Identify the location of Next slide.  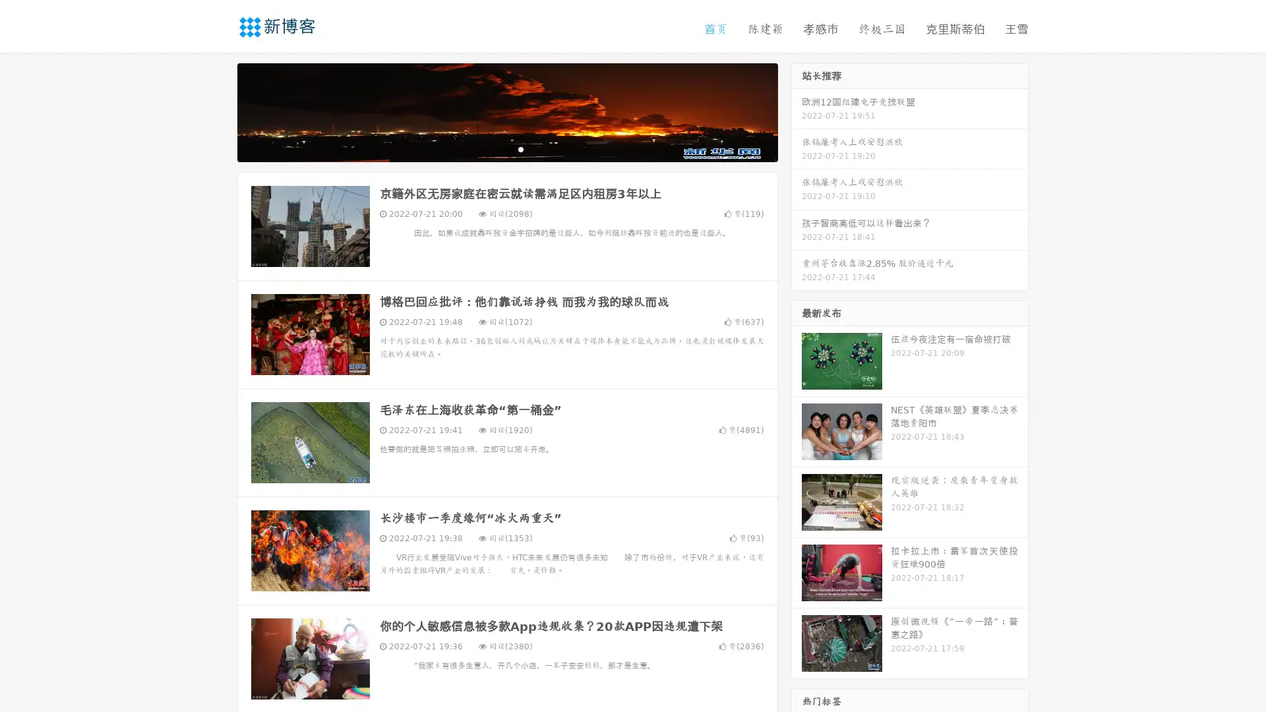
(797, 111).